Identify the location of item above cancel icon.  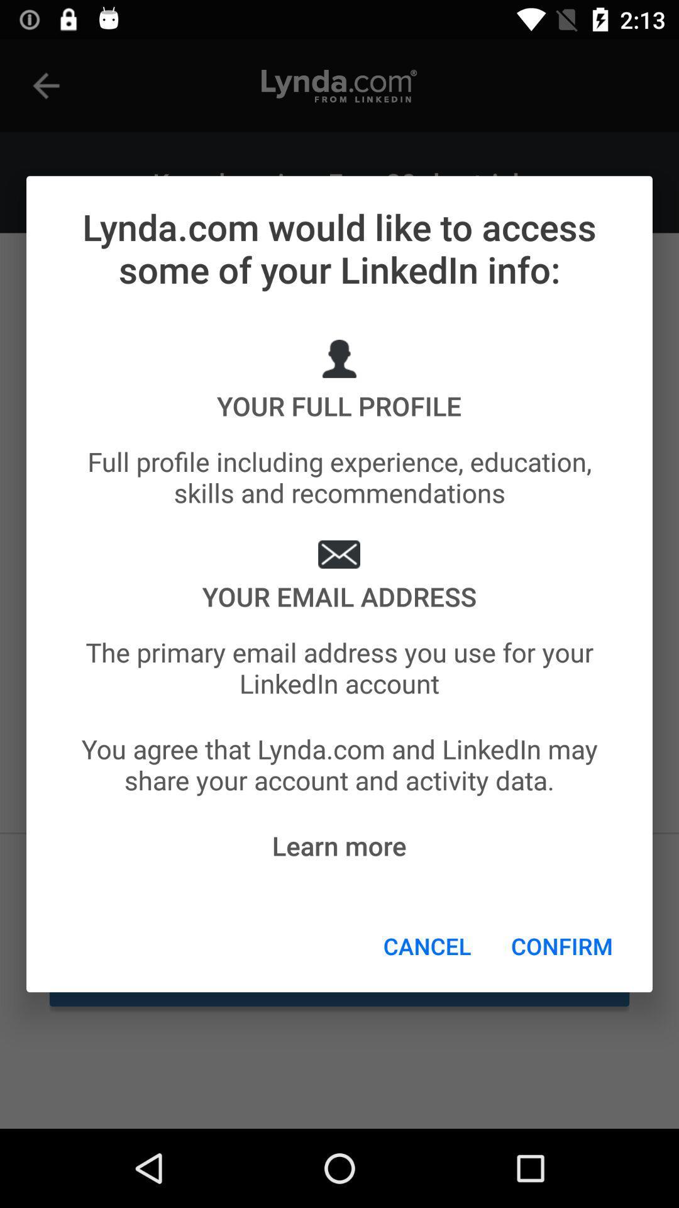
(338, 846).